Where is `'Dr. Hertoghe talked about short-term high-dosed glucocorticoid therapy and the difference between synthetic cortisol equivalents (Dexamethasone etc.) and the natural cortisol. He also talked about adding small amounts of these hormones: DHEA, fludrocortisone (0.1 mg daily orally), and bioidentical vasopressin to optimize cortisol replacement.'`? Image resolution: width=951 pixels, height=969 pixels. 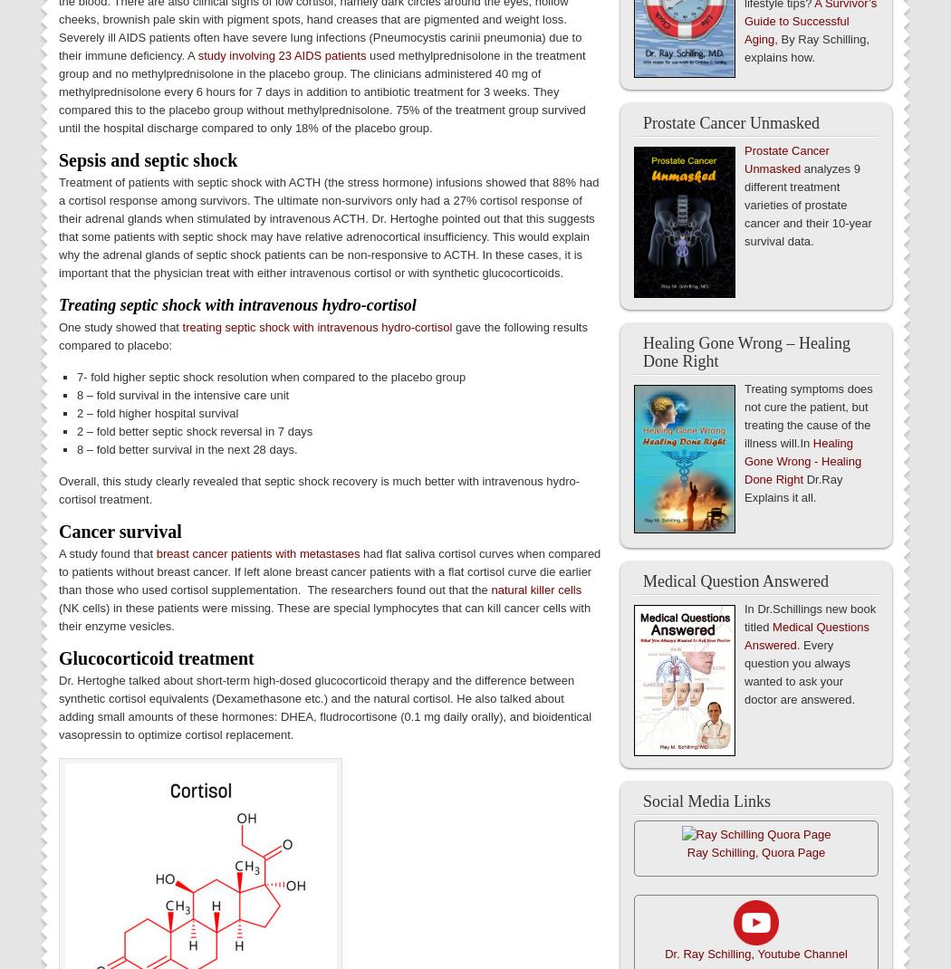 'Dr. Hertoghe talked about short-term high-dosed glucocorticoid therapy and the difference between synthetic cortisol equivalents (Dexamethasone etc.) and the natural cortisol. He also talked about adding small amounts of these hormones: DHEA, fludrocortisone (0.1 mg daily orally), and bioidentical vasopressin to optimize cortisol replacement.' is located at coordinates (323, 706).